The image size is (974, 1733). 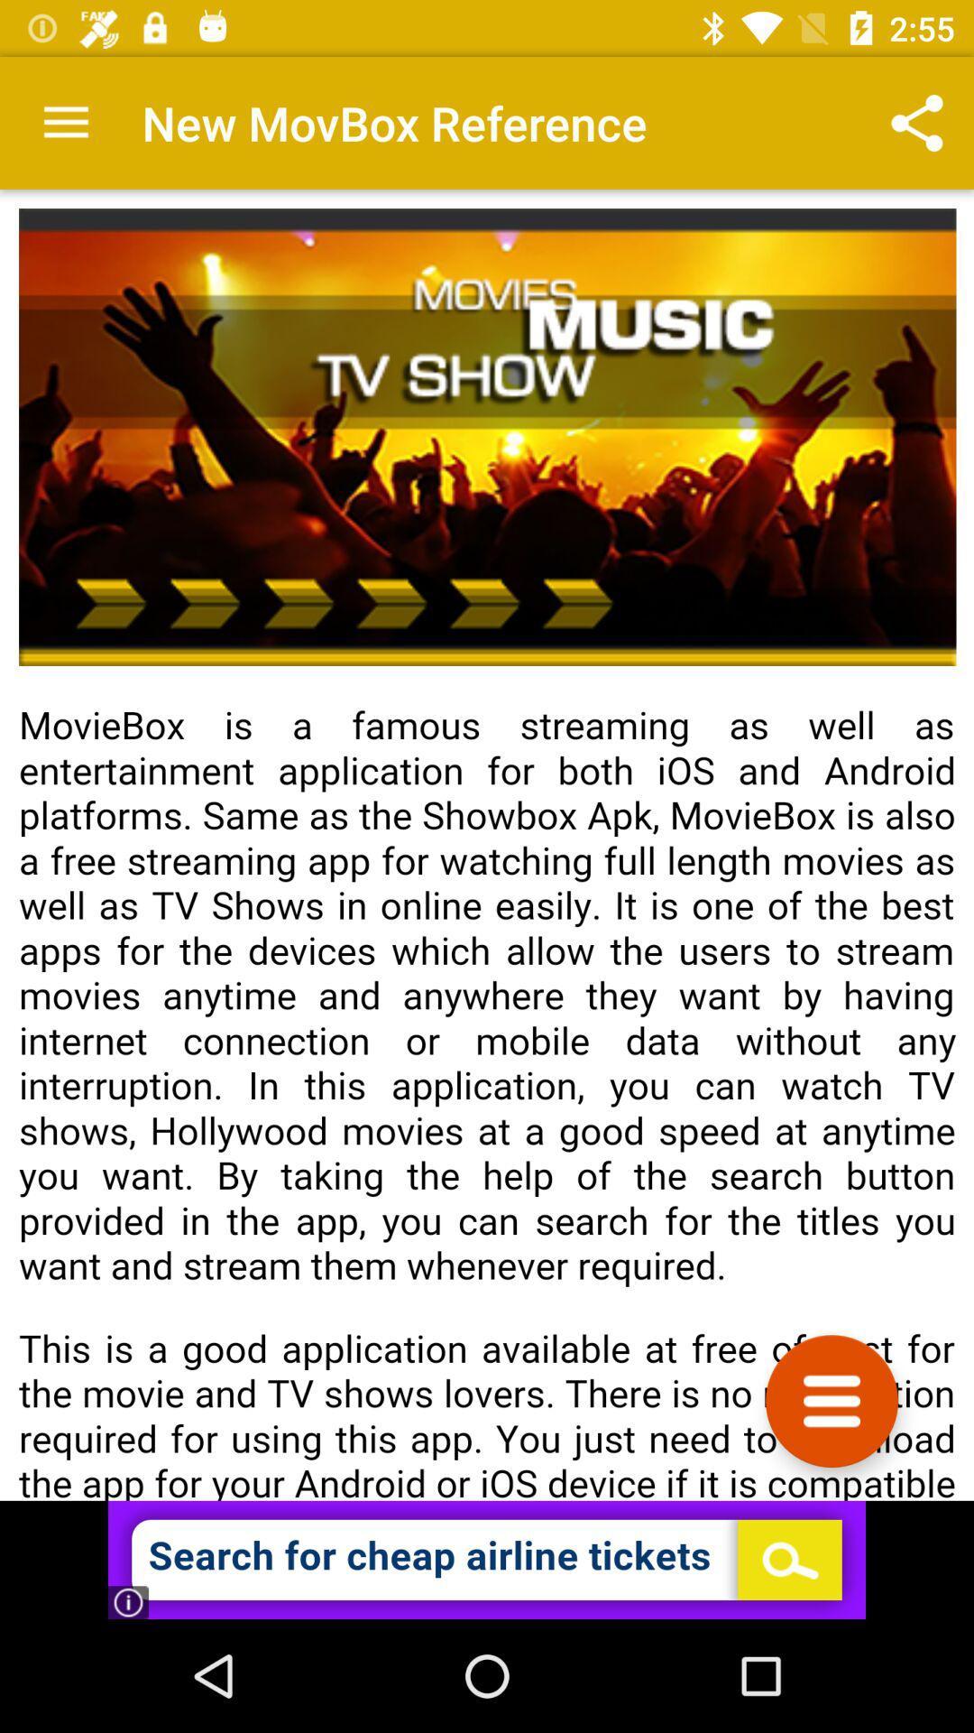 I want to click on the menu icon, so click(x=832, y=1400).